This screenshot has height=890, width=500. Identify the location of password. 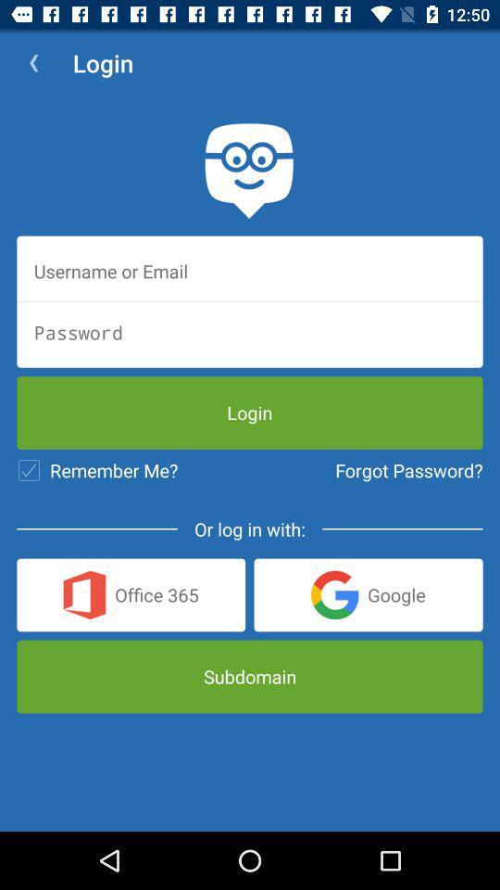
(250, 332).